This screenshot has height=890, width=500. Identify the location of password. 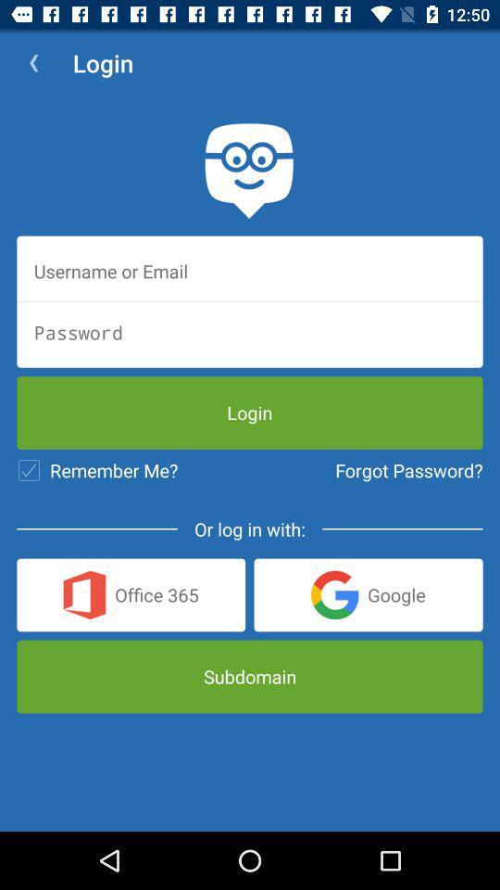
(250, 332).